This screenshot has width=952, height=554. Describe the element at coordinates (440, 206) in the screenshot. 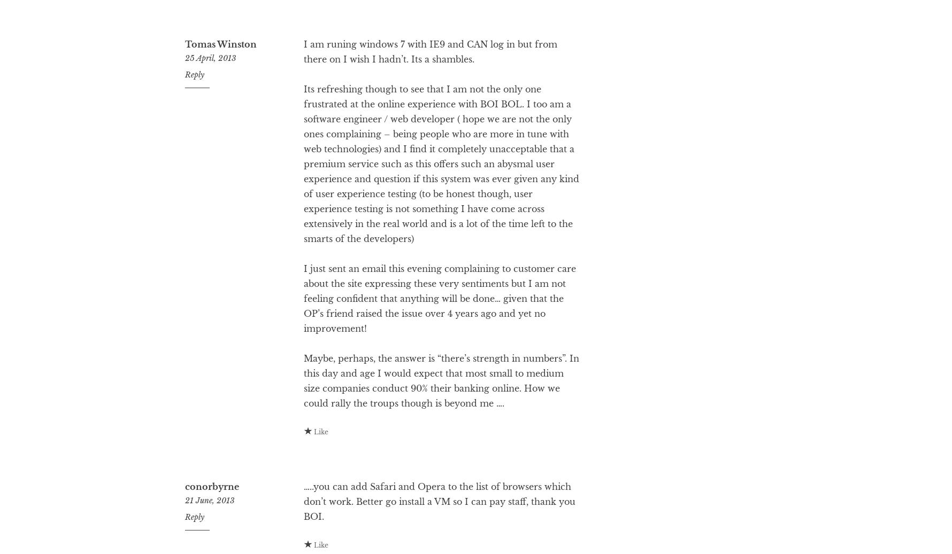

I see `'Its refreshing though to see that I am not the only one frustrated at the online experience with BOI BOL. I too am a software engineer / web developer ( hope we are not the only ones complaining – being people who are more in tune with web technologies) and I find it completely unacceptable that a premium service such as this offers such an abysmal user experience and question if this system was ever given any kind of user experience testing (to be honest though, user experience testing is not something I have come across extensively in the real world and is a lot of the time left to the smarts of the developers)'` at that location.